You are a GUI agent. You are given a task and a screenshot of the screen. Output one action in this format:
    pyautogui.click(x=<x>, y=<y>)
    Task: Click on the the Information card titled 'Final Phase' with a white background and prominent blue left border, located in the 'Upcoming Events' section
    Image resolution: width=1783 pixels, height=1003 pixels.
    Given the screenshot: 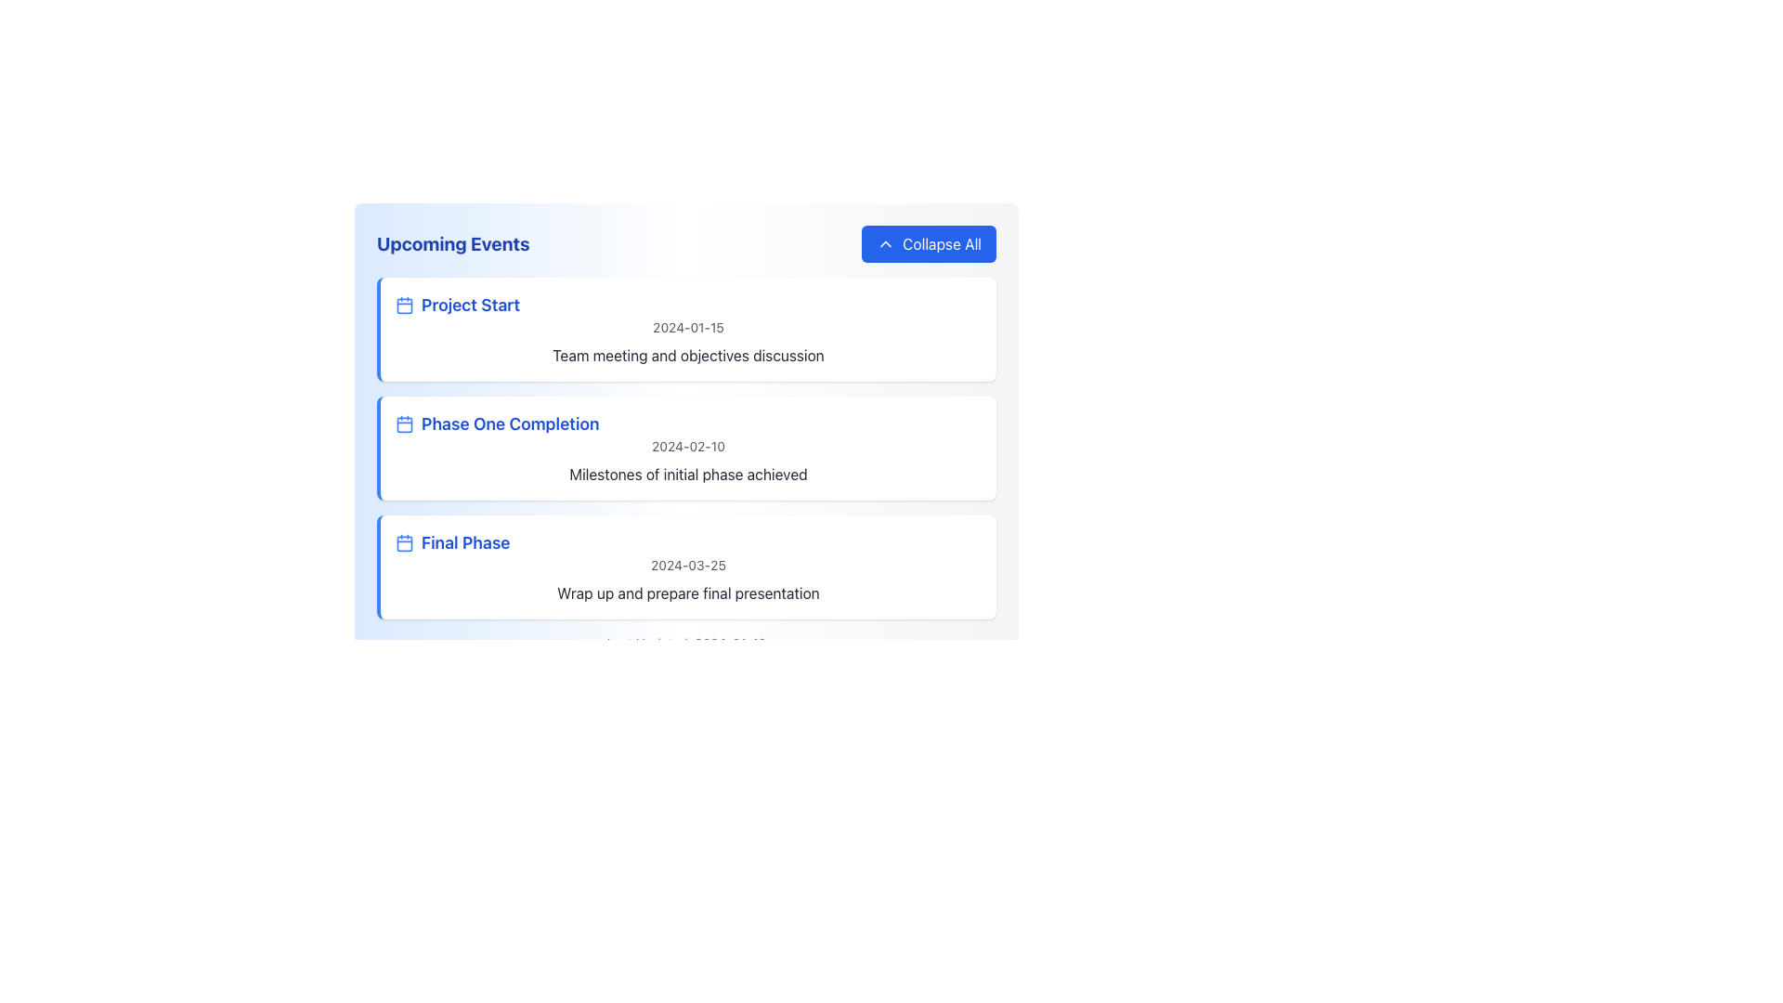 What is the action you would take?
    pyautogui.click(x=685, y=566)
    